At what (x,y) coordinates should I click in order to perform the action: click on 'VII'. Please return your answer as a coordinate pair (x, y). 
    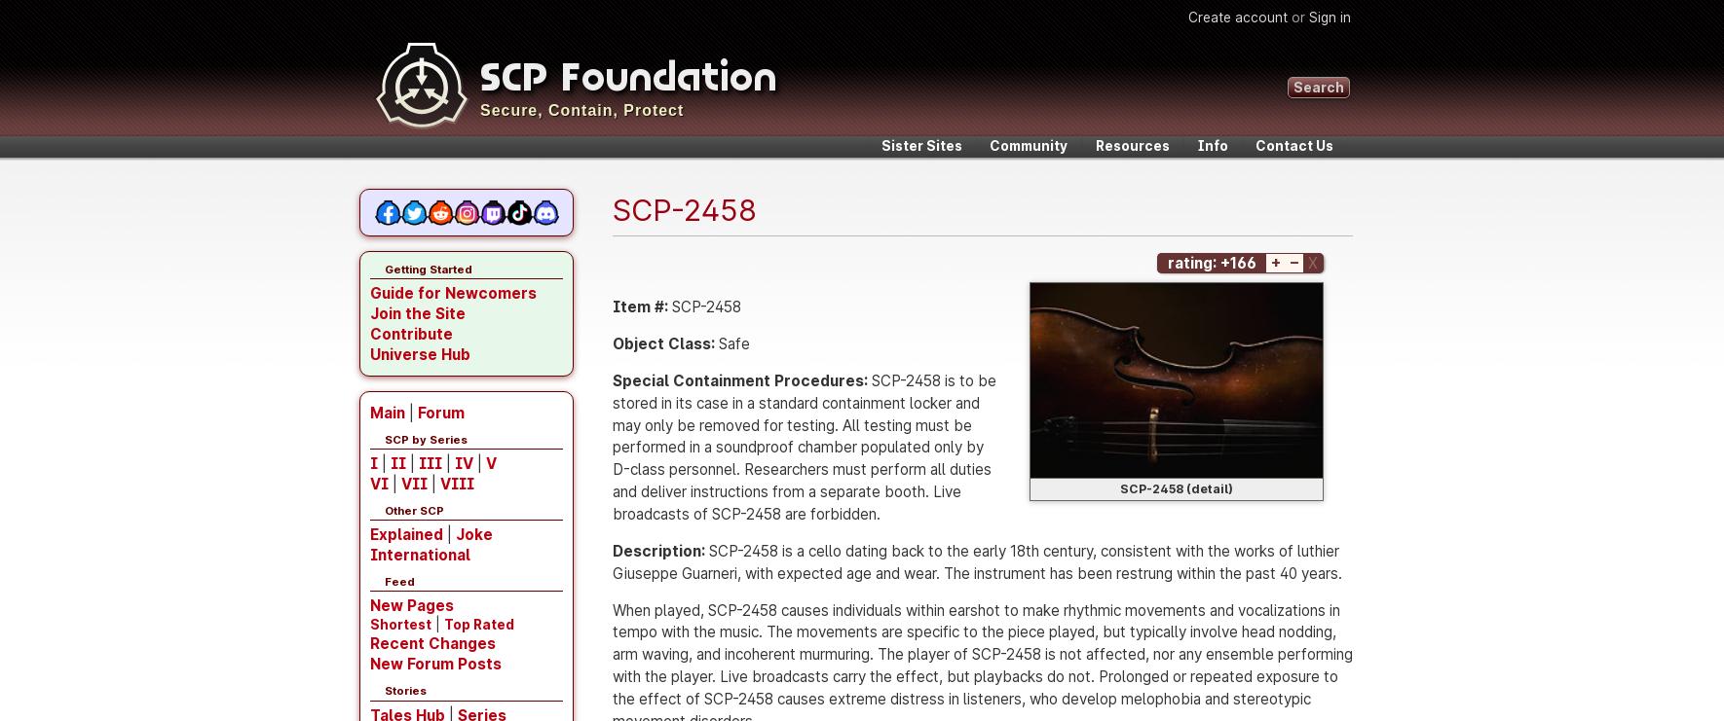
    Looking at the image, I should click on (413, 484).